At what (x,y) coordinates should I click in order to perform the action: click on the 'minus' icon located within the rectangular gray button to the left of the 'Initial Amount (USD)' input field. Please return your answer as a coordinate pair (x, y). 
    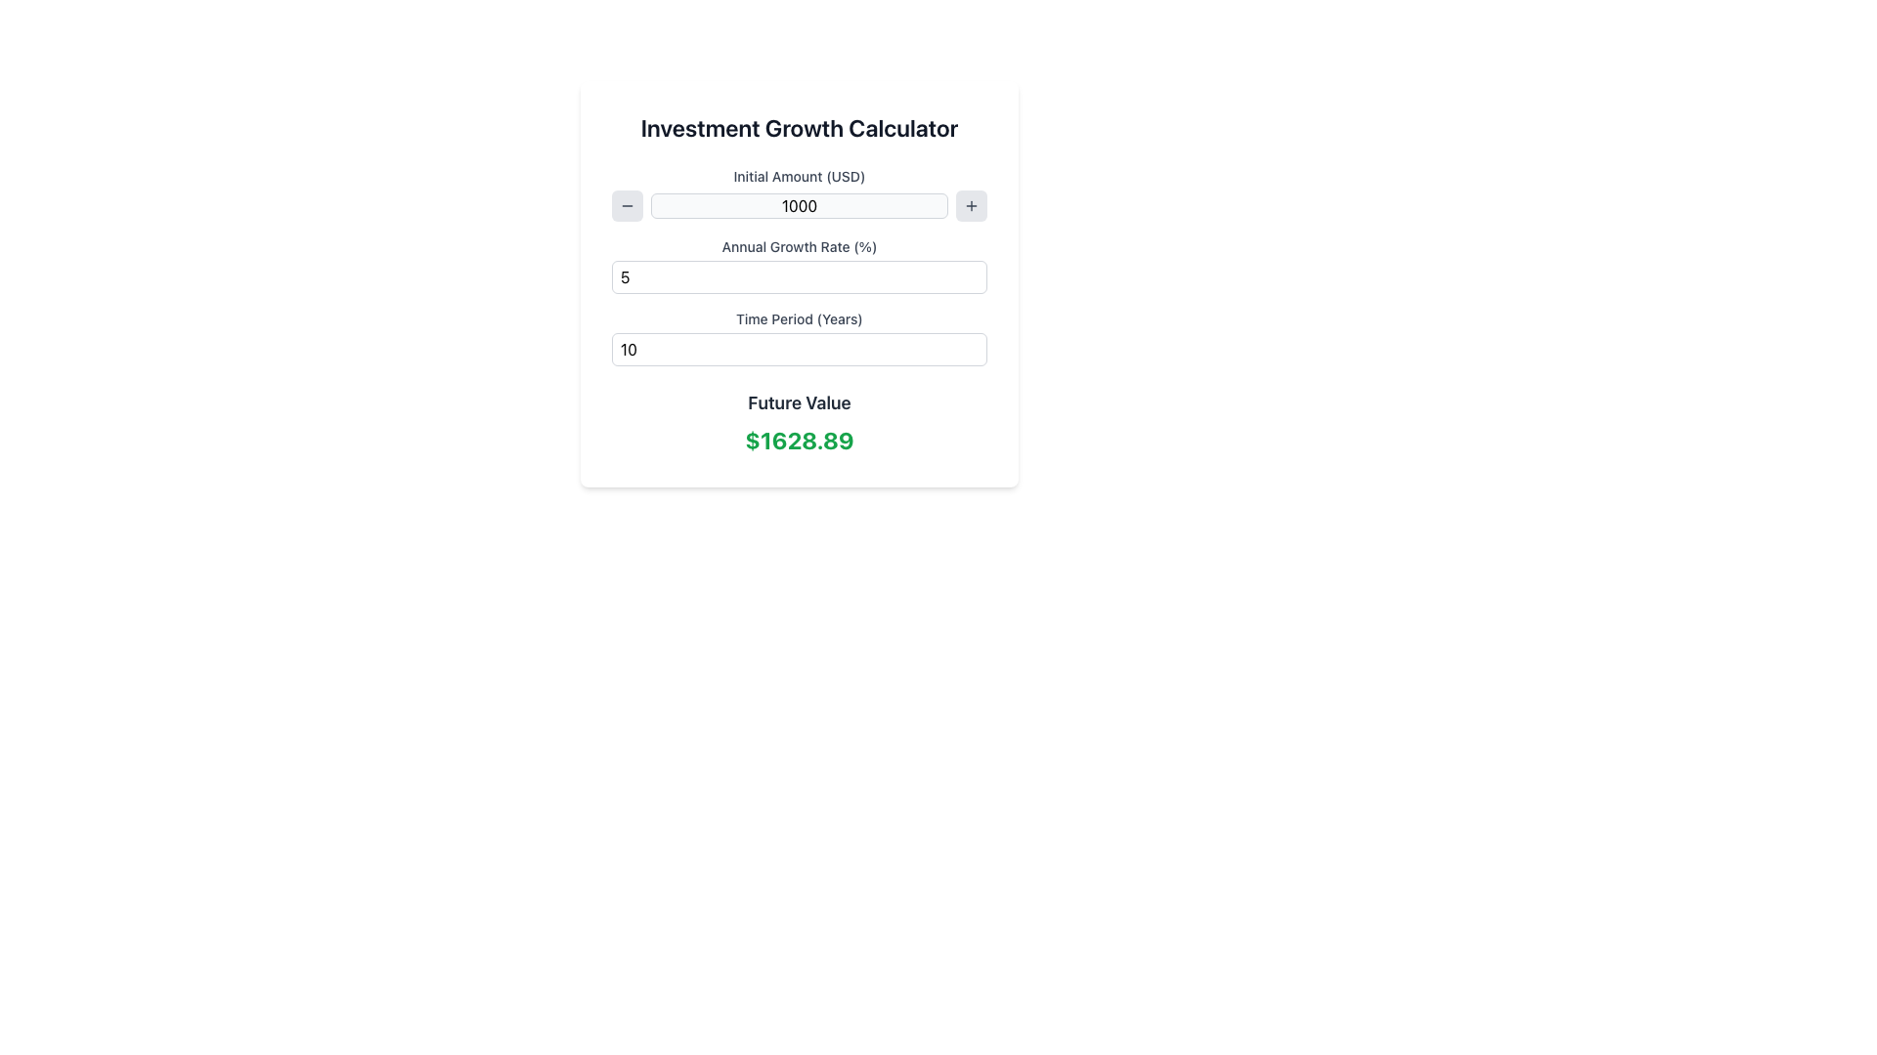
    Looking at the image, I should click on (628, 206).